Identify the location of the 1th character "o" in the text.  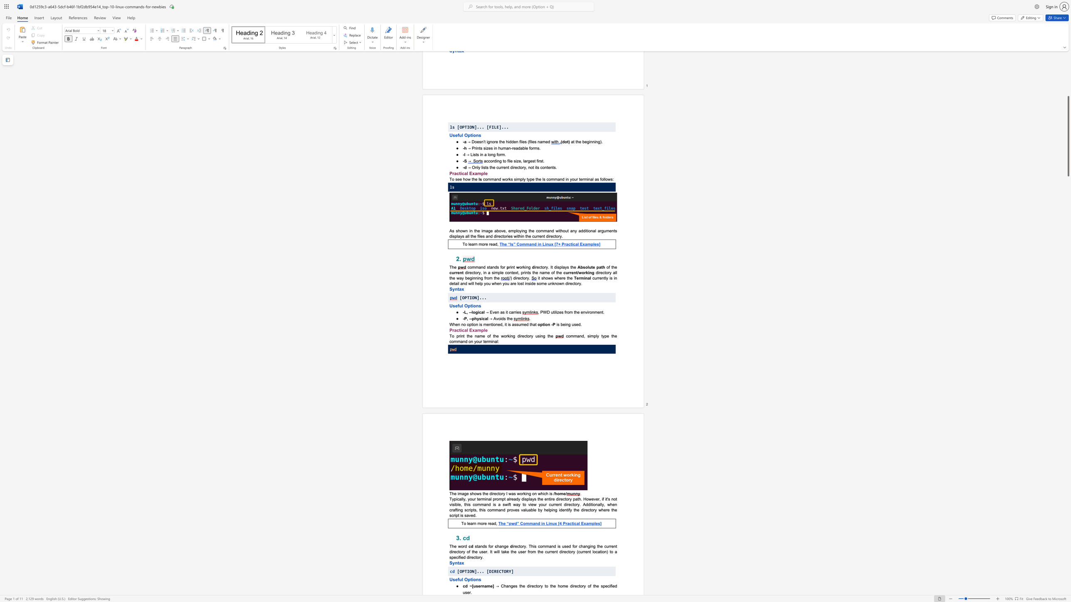
(538, 585).